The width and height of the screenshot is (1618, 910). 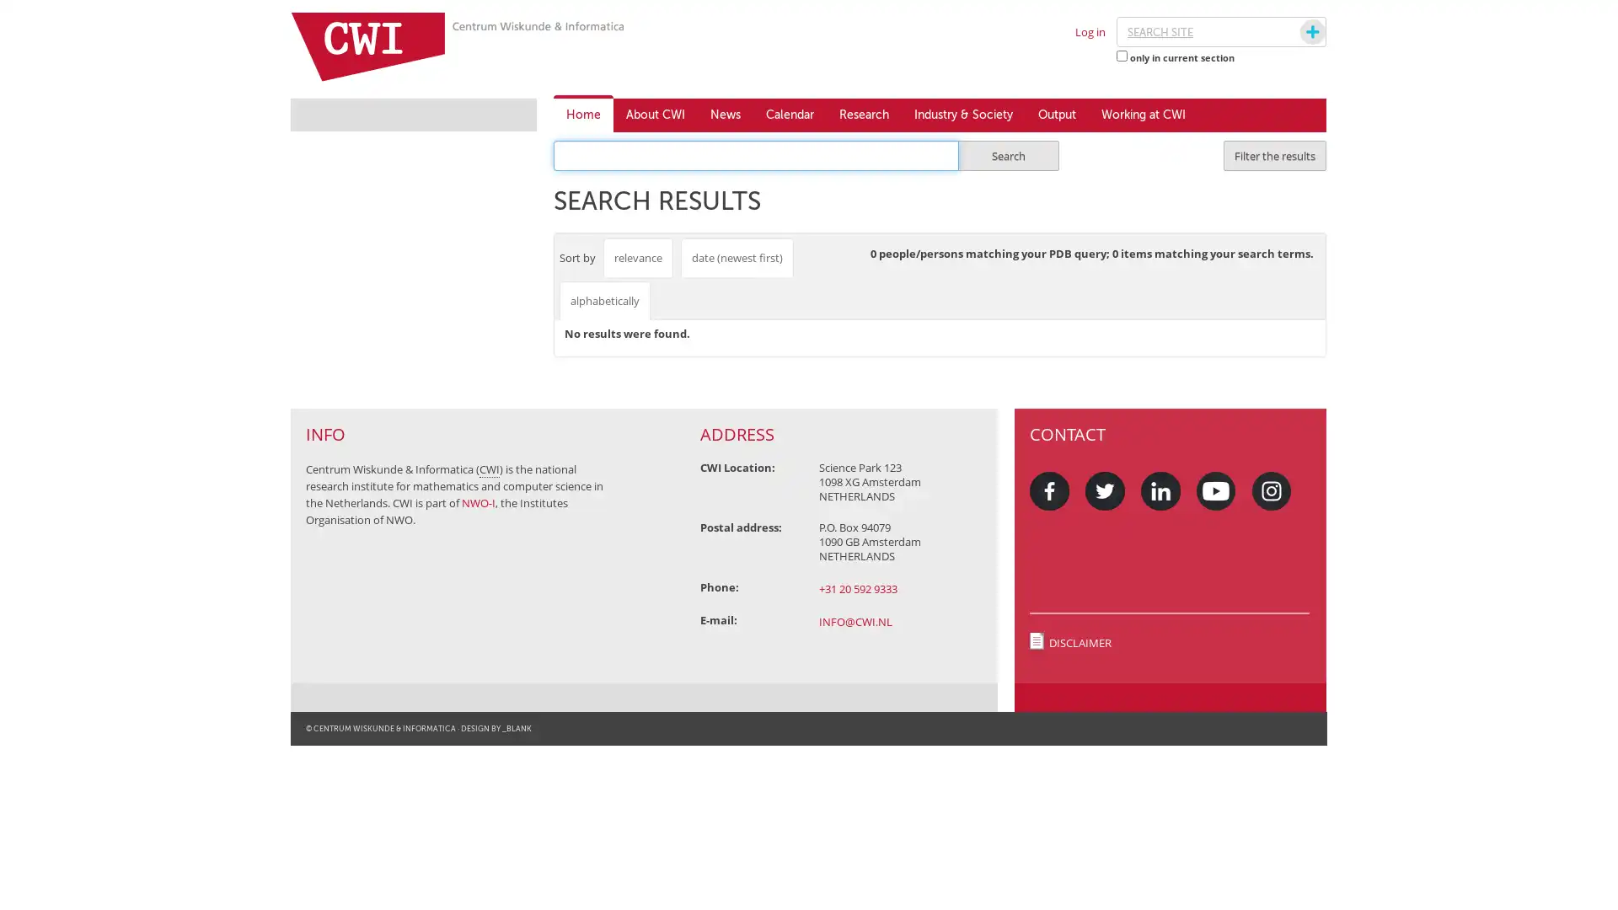 I want to click on Search, so click(x=1008, y=156).